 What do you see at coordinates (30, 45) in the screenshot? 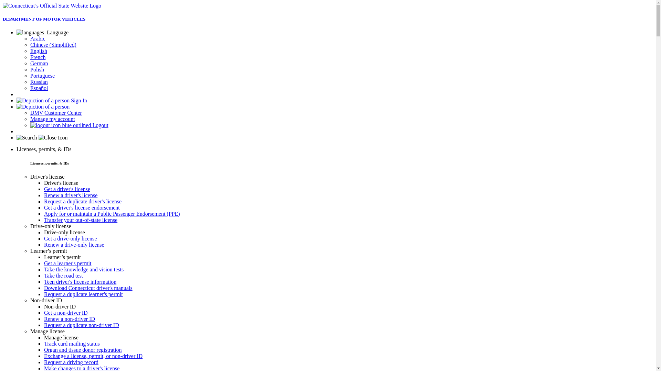
I see `'Chinese (Simplified)'` at bounding box center [30, 45].